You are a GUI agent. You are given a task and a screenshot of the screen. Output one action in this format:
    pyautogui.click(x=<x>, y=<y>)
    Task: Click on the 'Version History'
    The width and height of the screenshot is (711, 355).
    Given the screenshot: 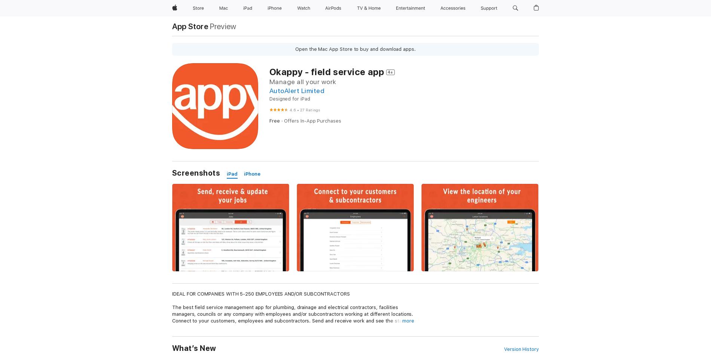 What is the action you would take?
    pyautogui.click(x=521, y=349)
    